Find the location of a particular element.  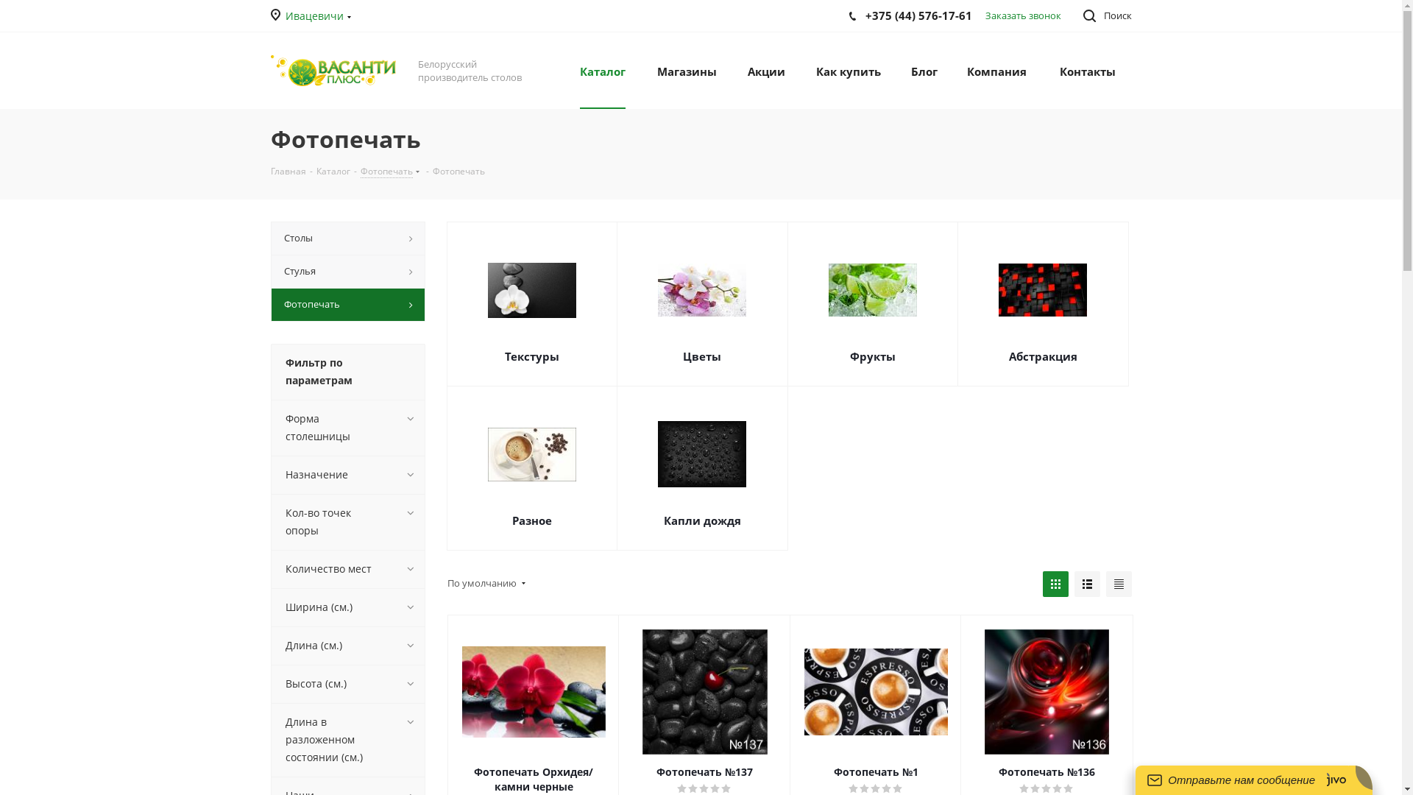

'3' is located at coordinates (876, 788).